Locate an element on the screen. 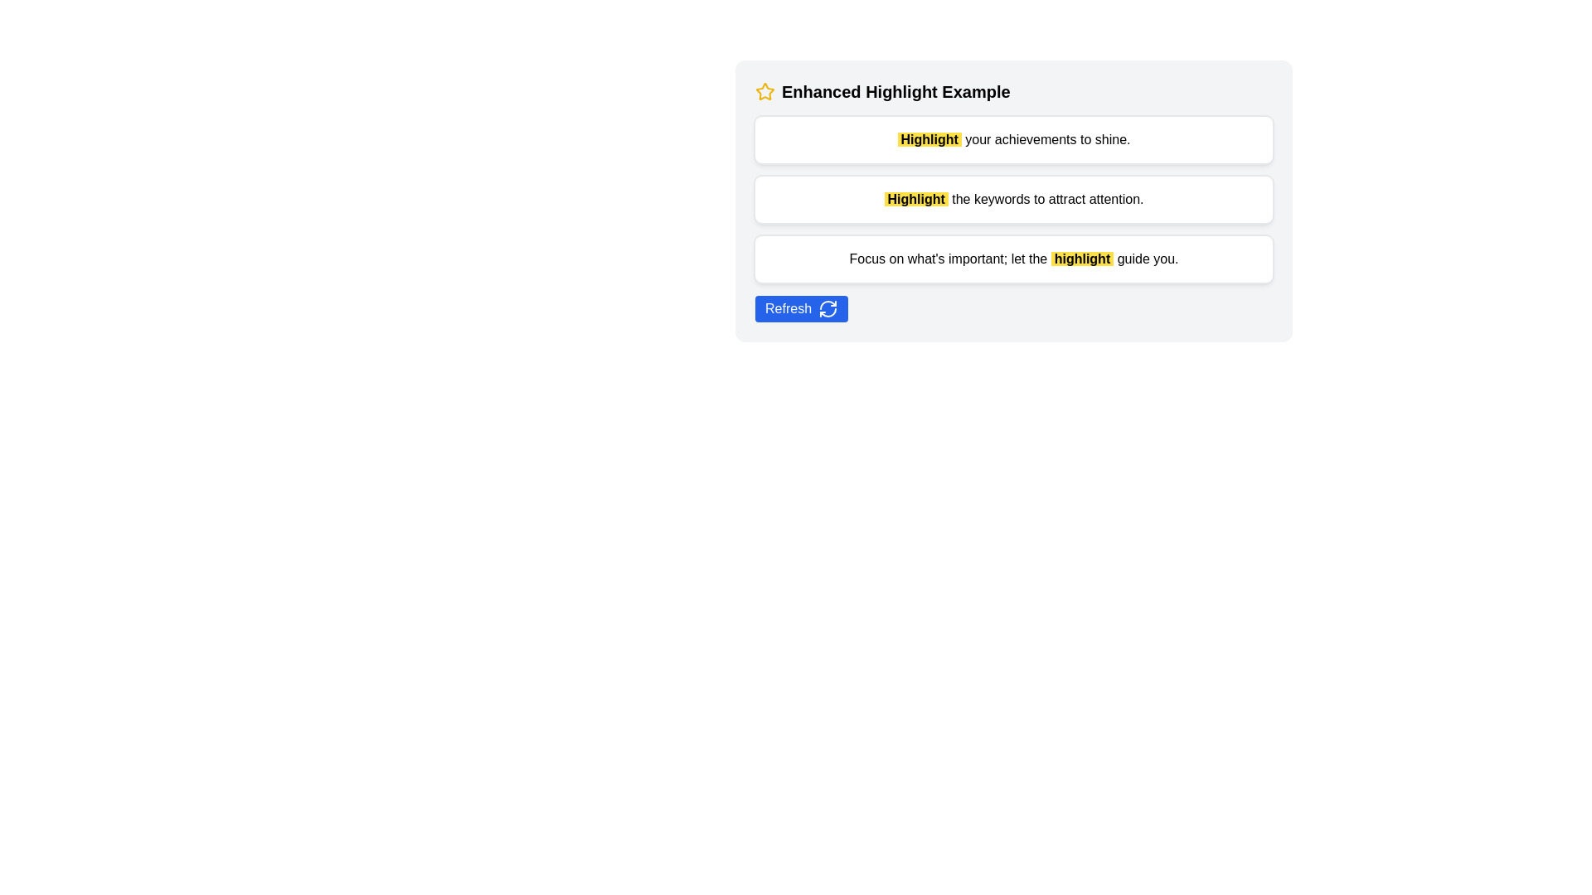  the Refresh button that contains the blue circular arrow icon representing a refresh action is located at coordinates (828, 309).